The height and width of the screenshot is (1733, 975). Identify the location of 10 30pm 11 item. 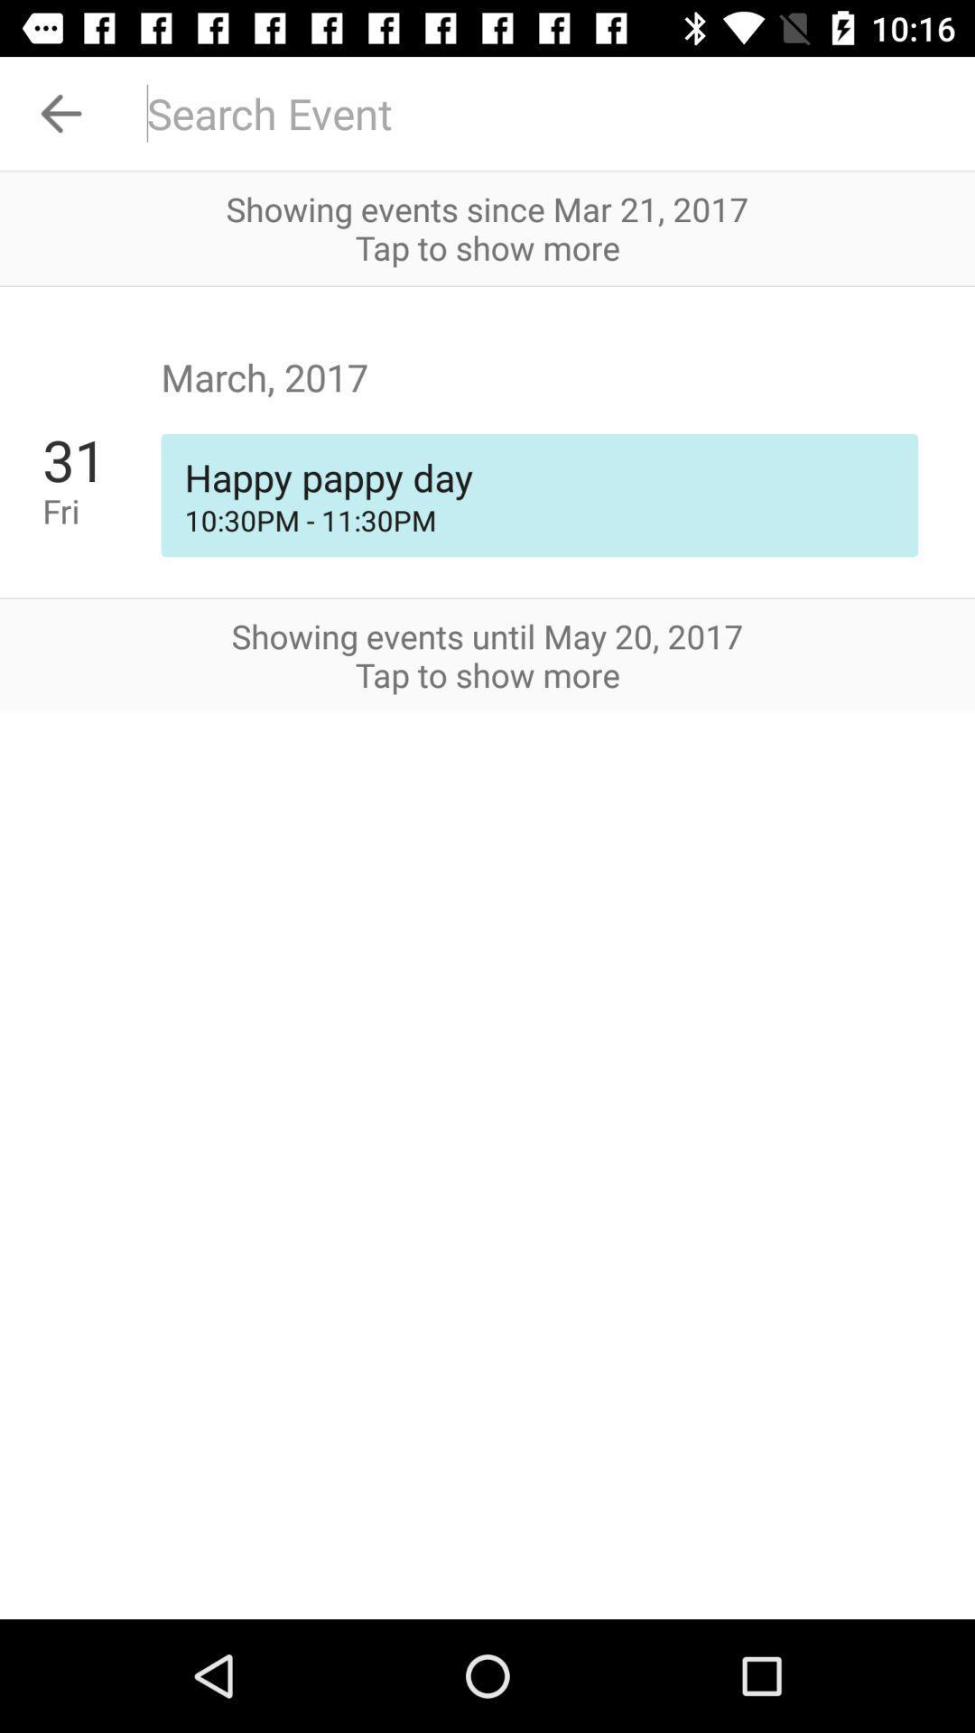
(538, 519).